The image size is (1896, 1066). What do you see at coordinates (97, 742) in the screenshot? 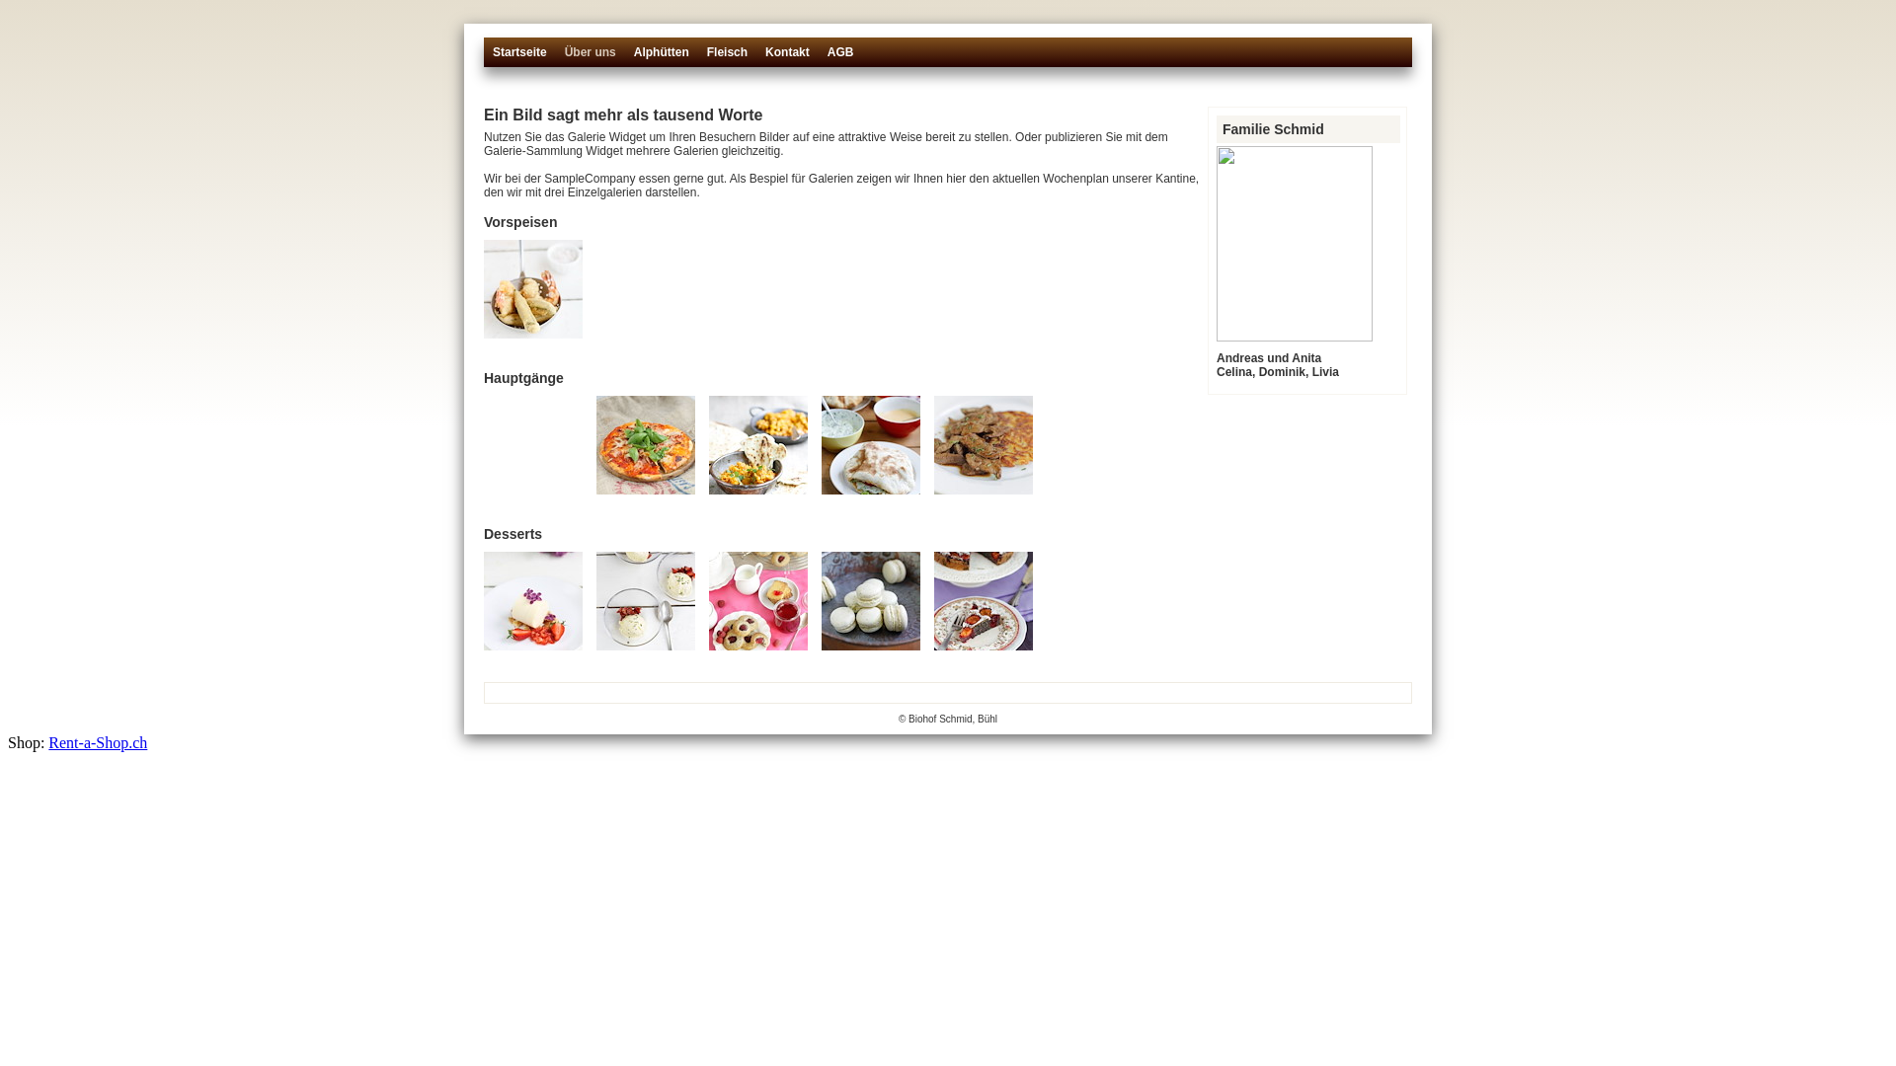
I see `'Rent-a-Shop.ch'` at bounding box center [97, 742].